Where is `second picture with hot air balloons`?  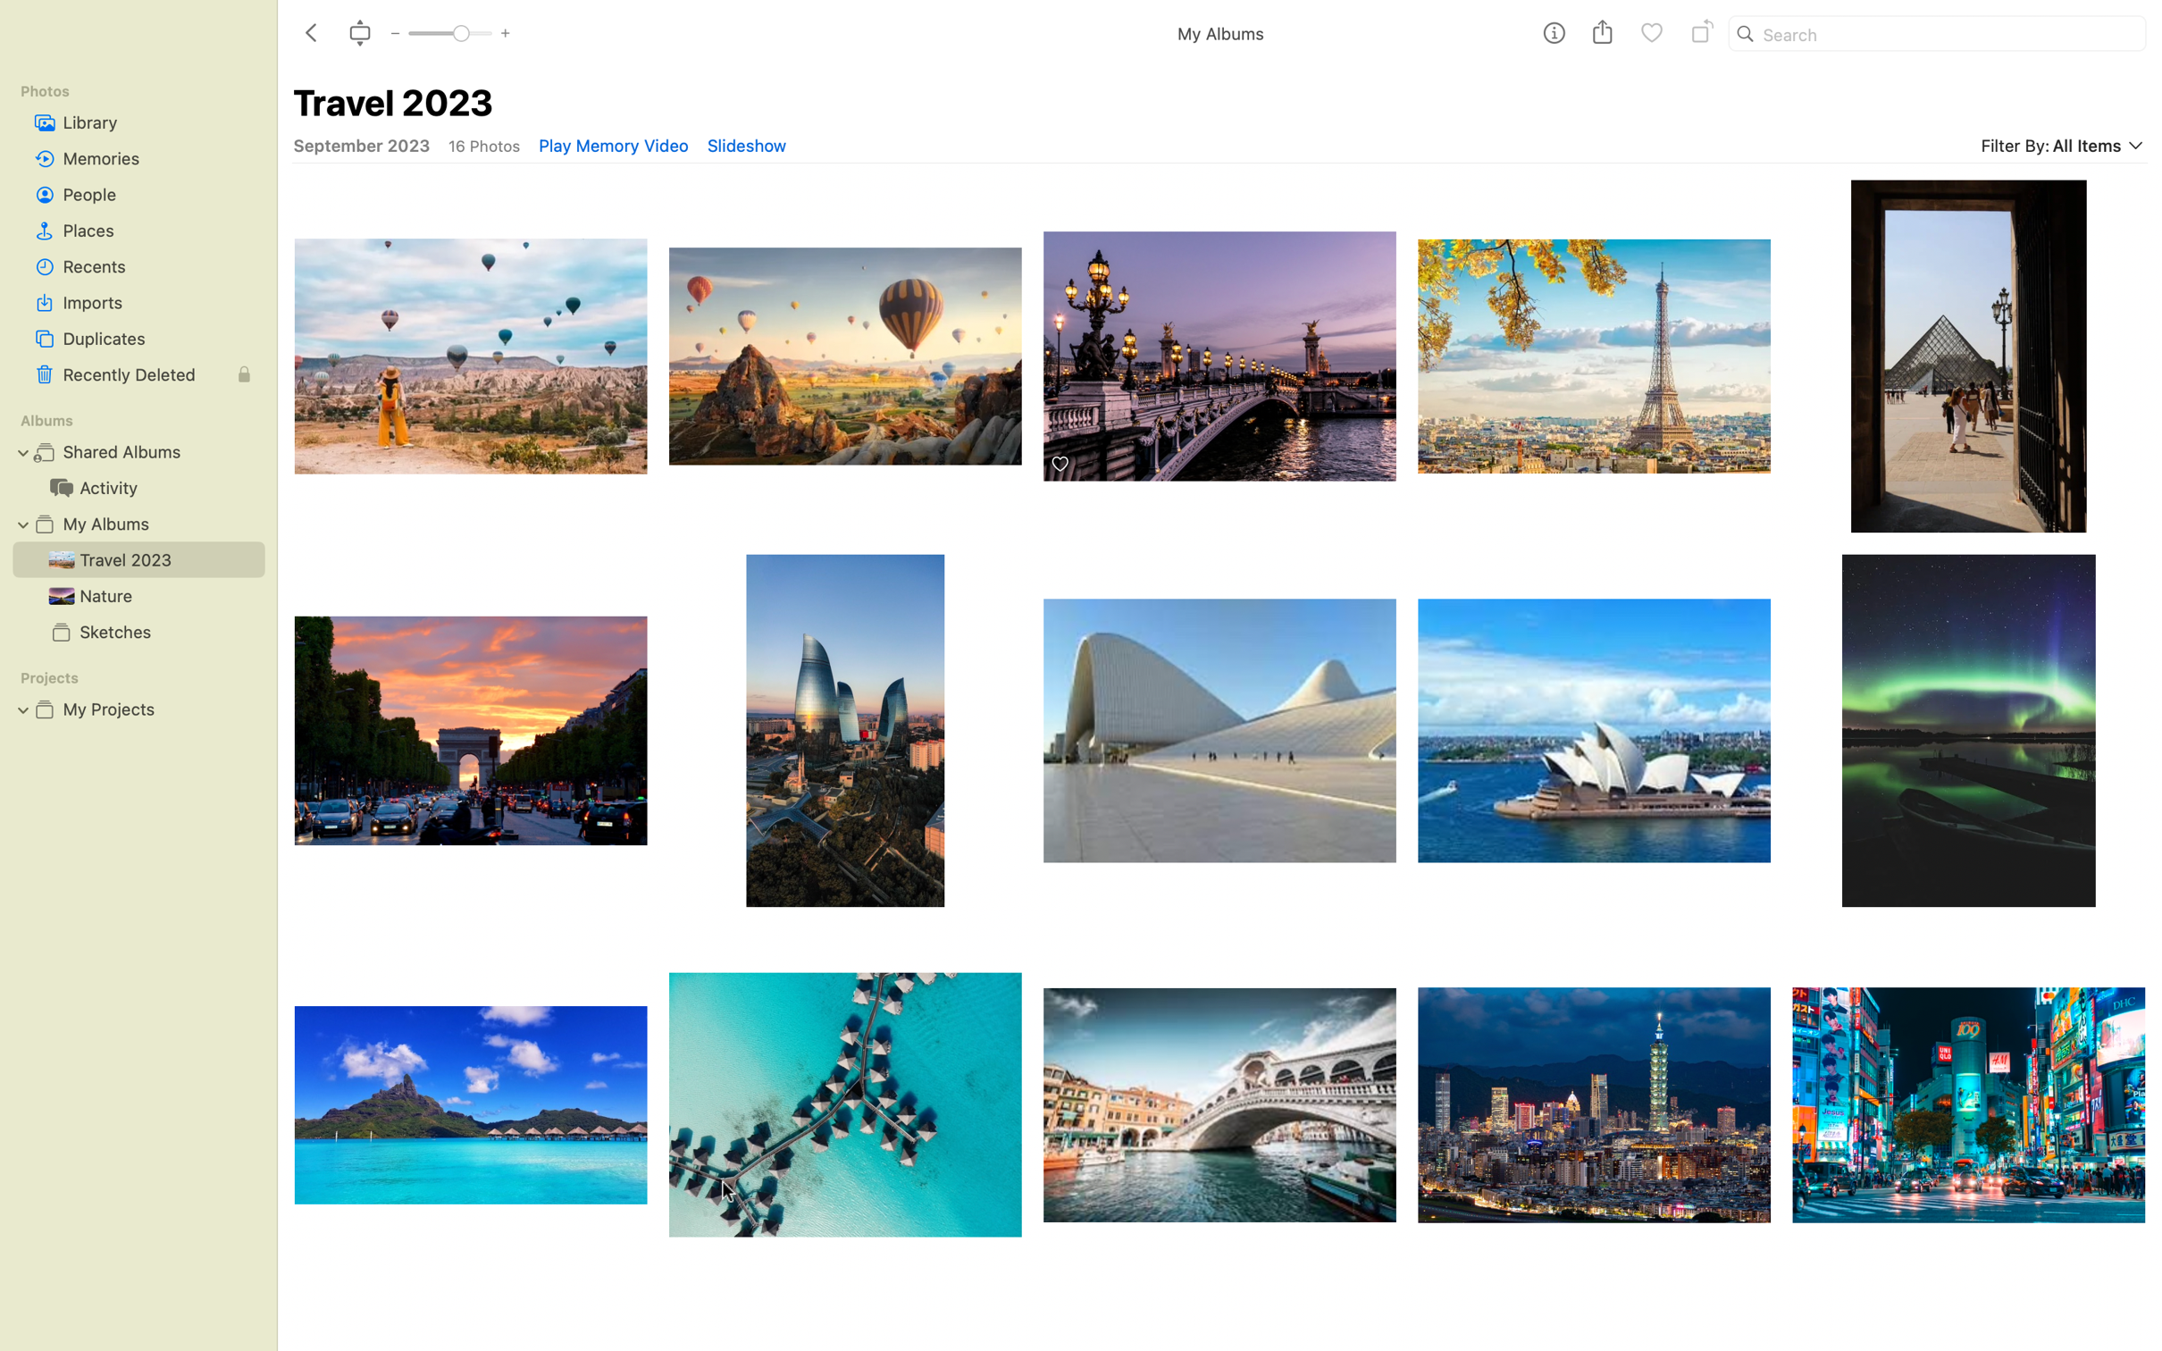 second picture with hot air balloons is located at coordinates (845, 346).